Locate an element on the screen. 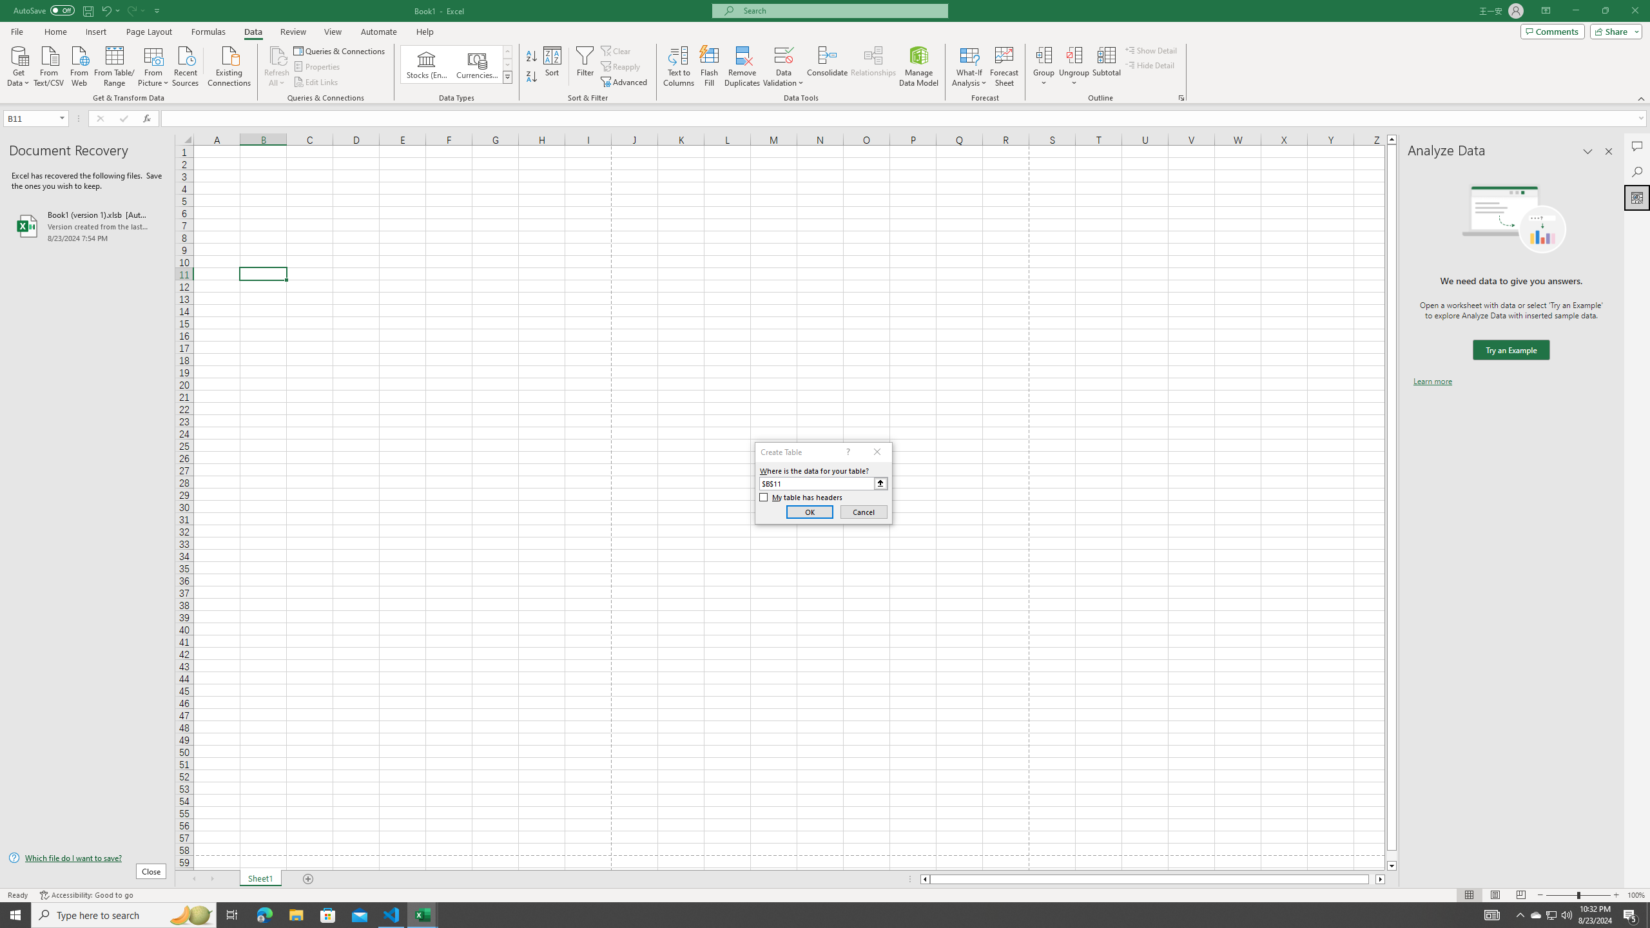 The height and width of the screenshot is (928, 1650). 'Remove Duplicates' is located at coordinates (742, 66).